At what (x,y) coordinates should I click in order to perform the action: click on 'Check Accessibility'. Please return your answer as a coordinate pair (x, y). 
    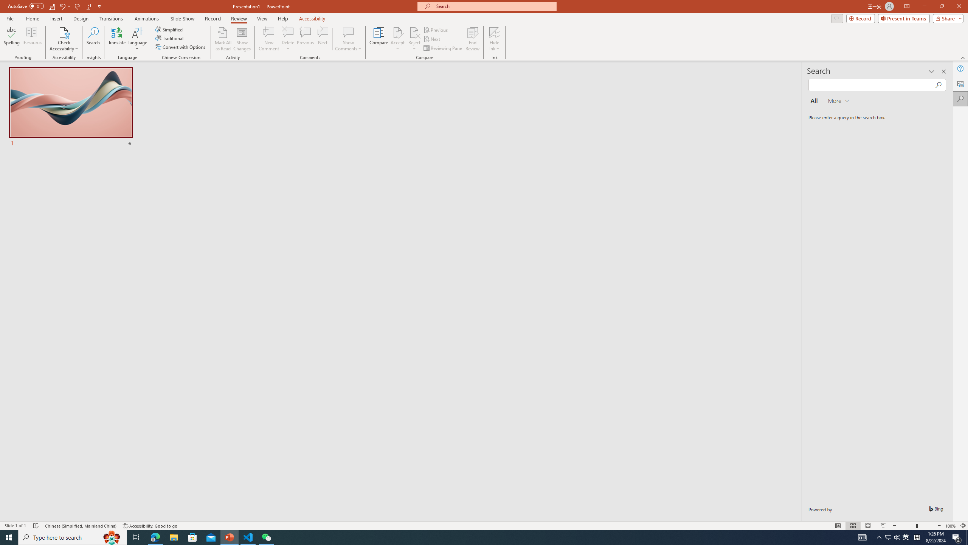
    Looking at the image, I should click on (63, 39).